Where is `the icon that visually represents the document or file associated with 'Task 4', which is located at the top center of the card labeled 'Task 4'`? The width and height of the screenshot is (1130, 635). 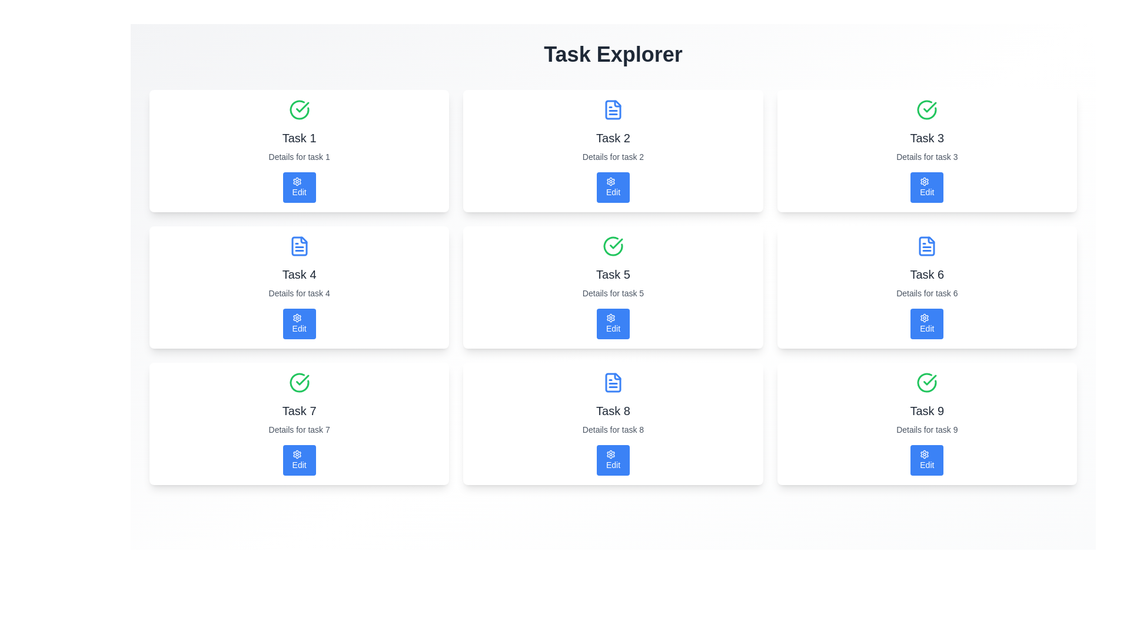 the icon that visually represents the document or file associated with 'Task 4', which is located at the top center of the card labeled 'Task 4' is located at coordinates (299, 246).